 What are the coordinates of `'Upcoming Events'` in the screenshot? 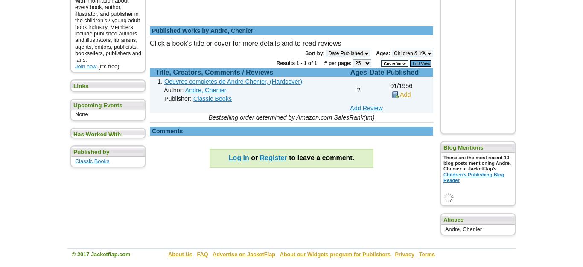 It's located at (97, 105).